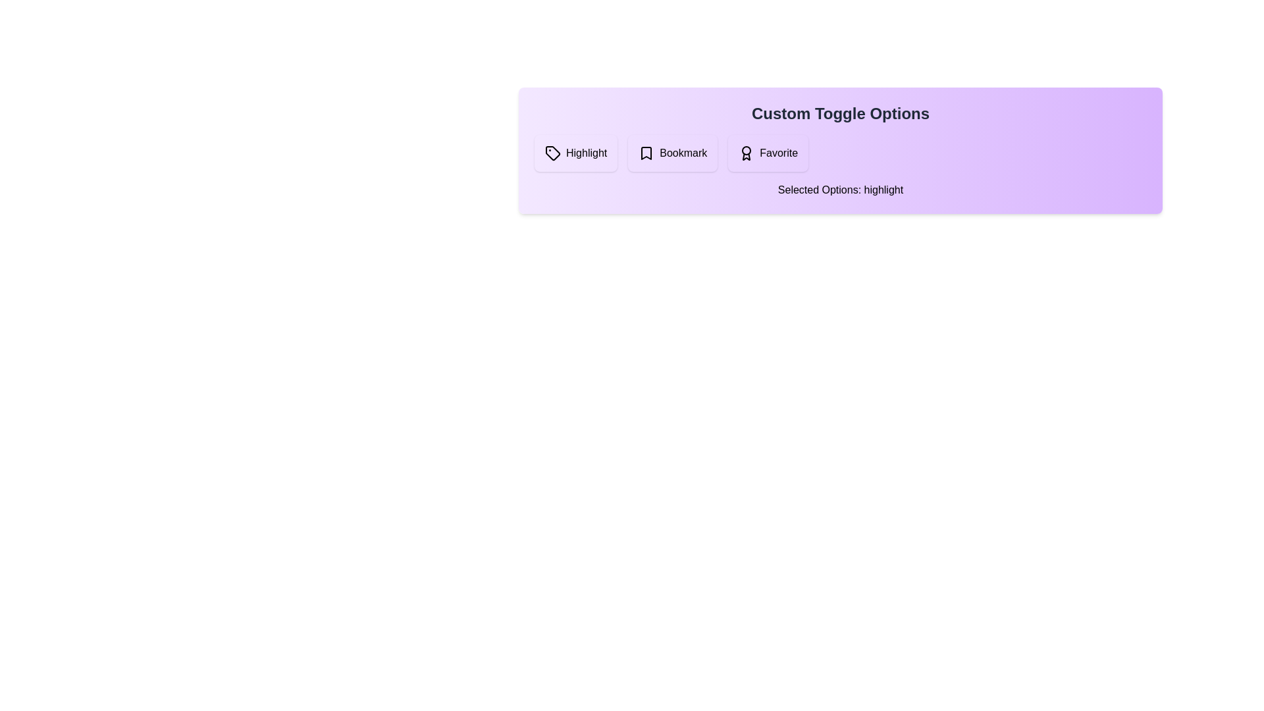  I want to click on the 'Favorite' button to toggle its state, so click(768, 152).